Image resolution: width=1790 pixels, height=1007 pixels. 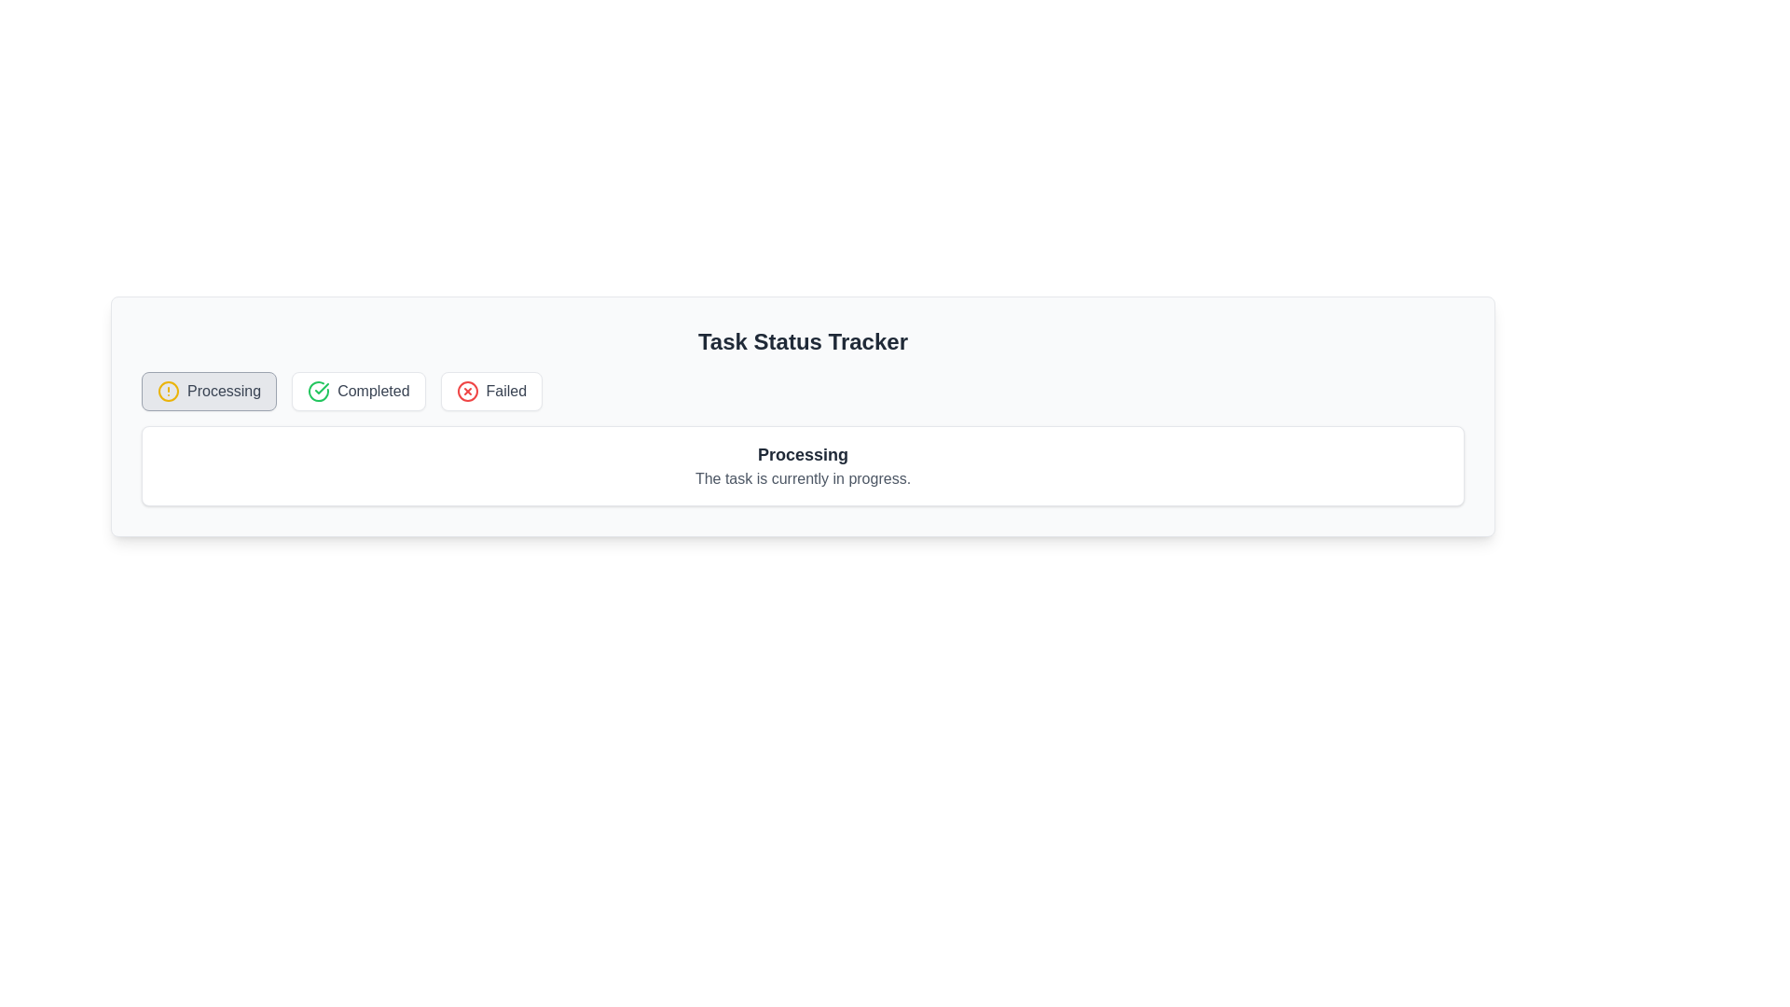 What do you see at coordinates (169, 391) in the screenshot?
I see `the SVG-based warning icon inside the 'Processing' button on the leftmost side of the status indicator bar` at bounding box center [169, 391].